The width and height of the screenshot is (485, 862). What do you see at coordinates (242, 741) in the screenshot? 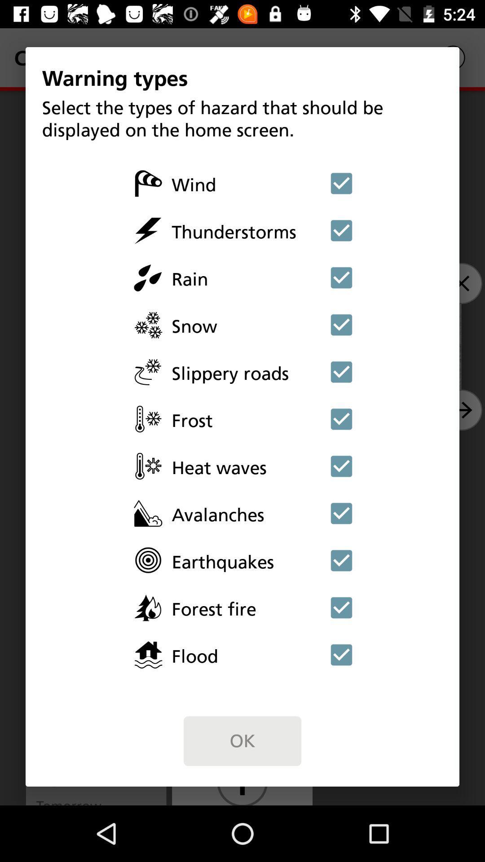
I see `the ok` at bounding box center [242, 741].